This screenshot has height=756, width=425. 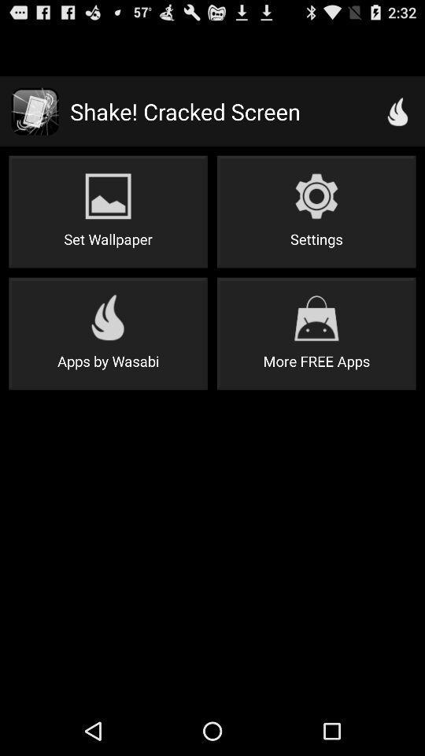 I want to click on the apps by wasabi, so click(x=107, y=333).